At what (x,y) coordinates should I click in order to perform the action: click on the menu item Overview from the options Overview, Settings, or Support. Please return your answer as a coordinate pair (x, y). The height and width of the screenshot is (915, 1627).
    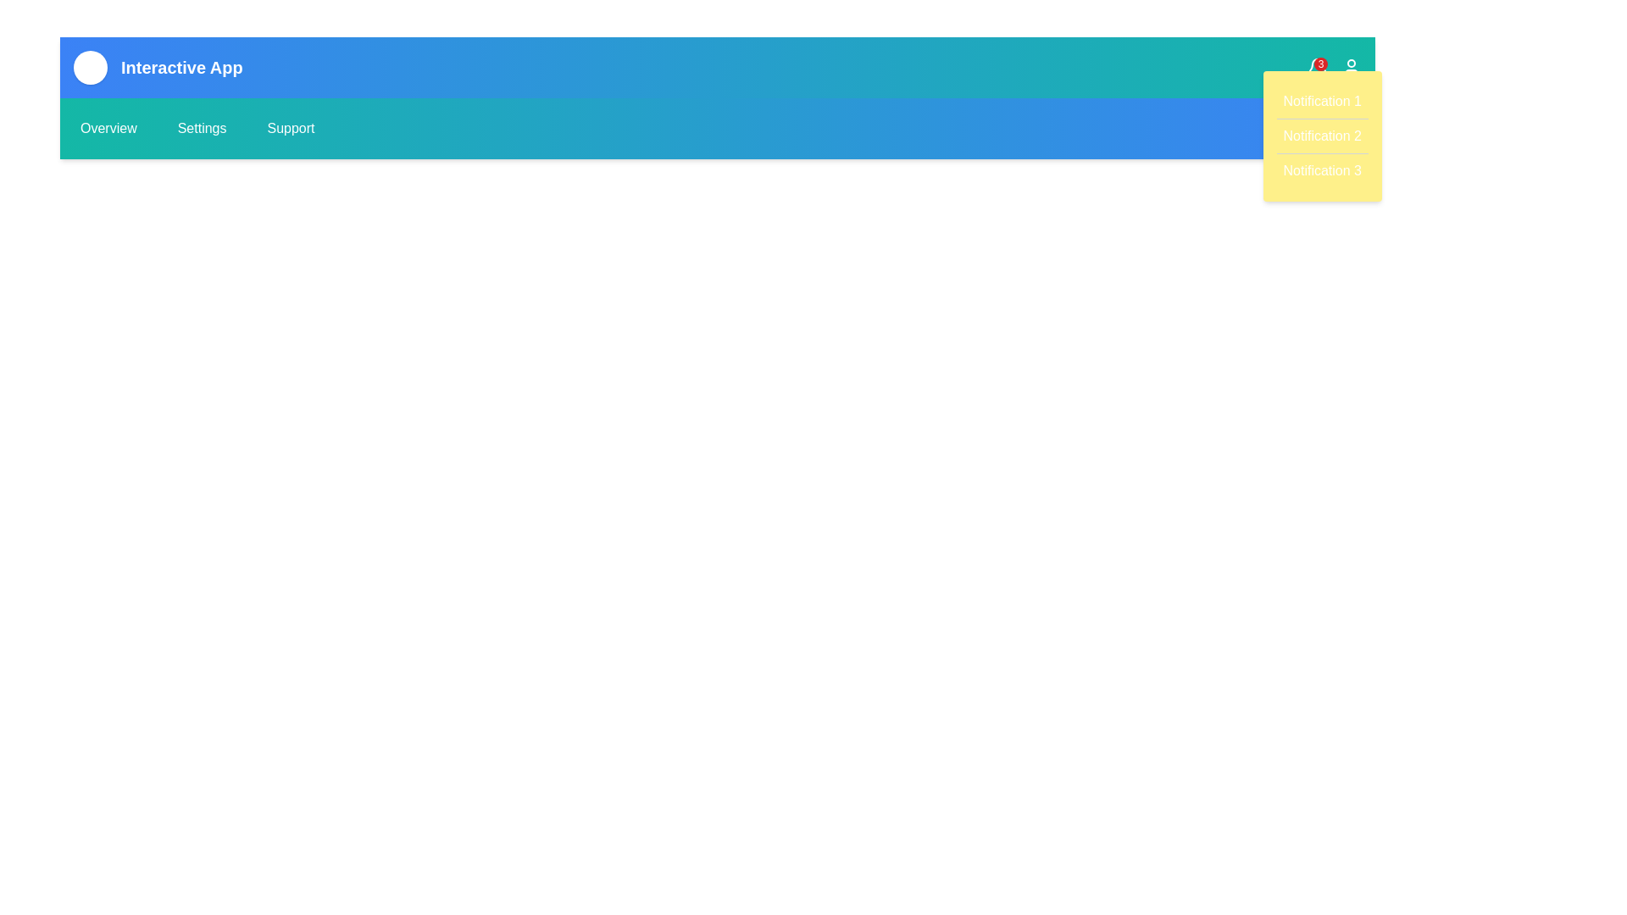
    Looking at the image, I should click on (108, 127).